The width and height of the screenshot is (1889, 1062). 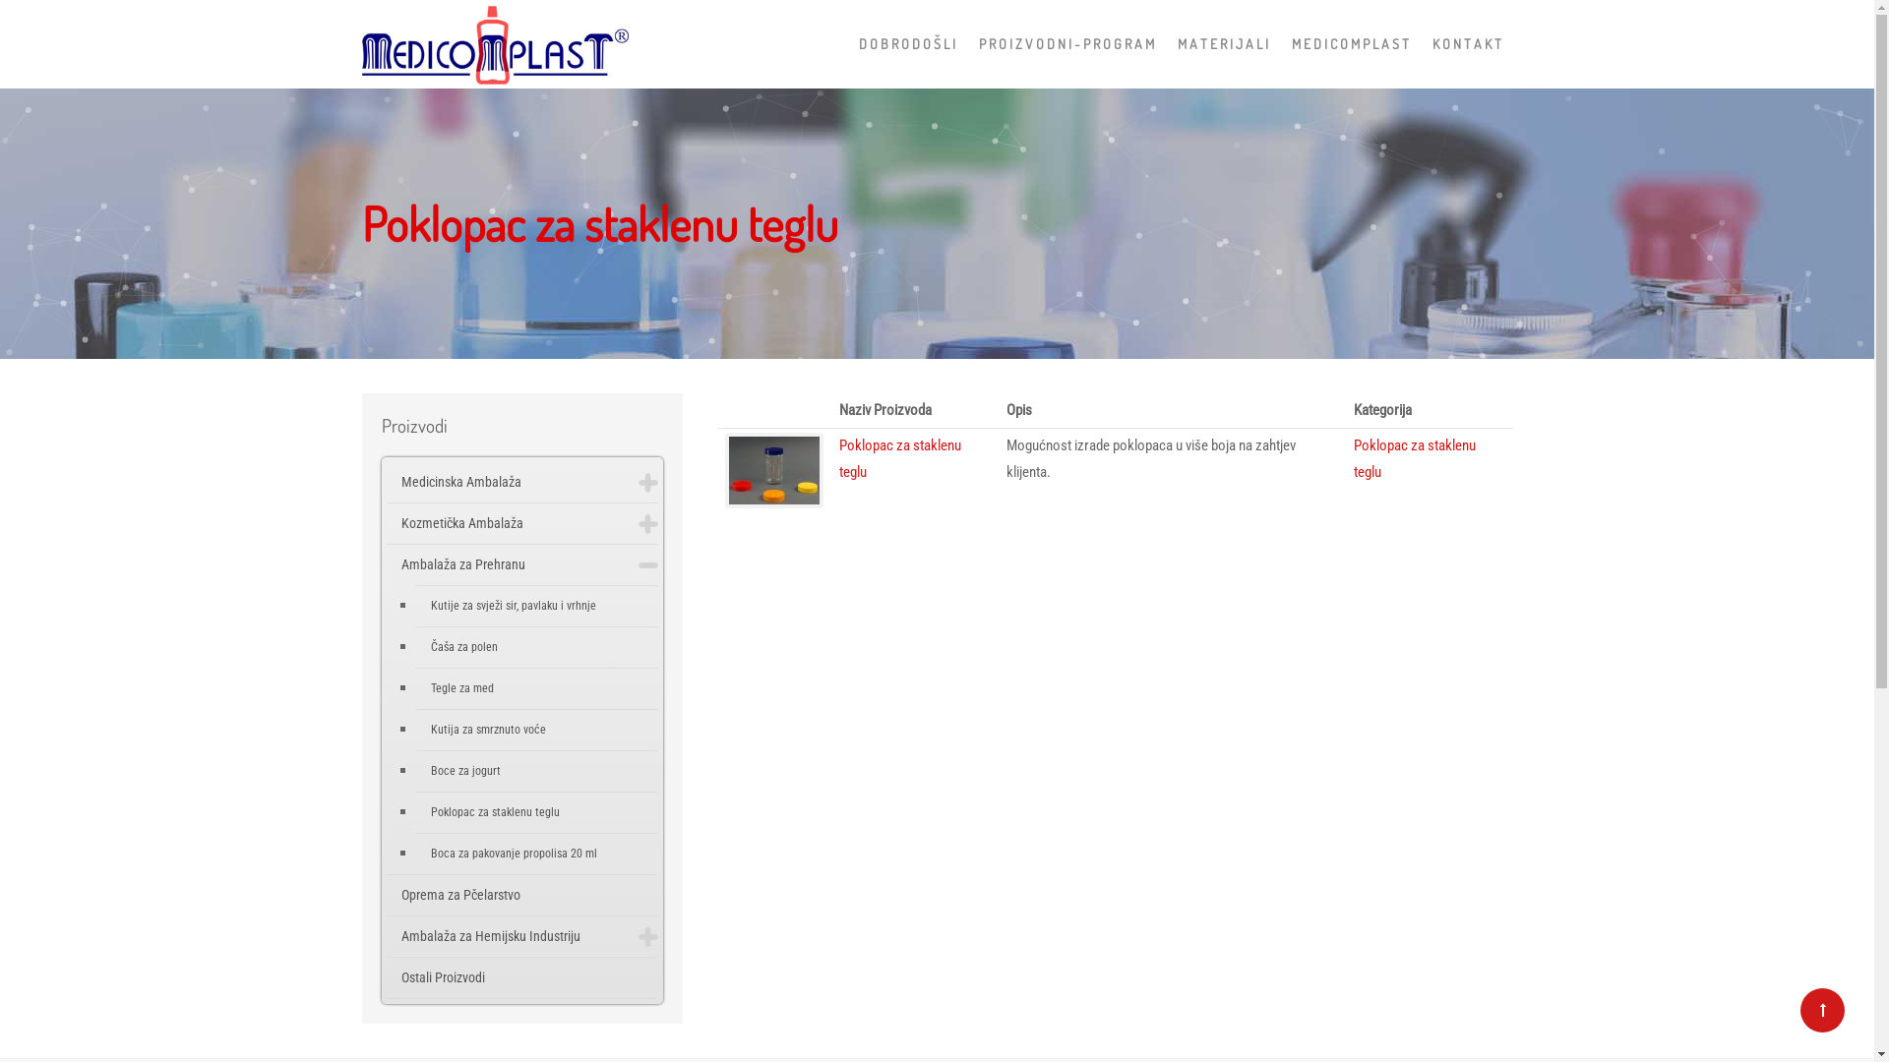 I want to click on 'K O N T A K T', so click(x=1421, y=44).